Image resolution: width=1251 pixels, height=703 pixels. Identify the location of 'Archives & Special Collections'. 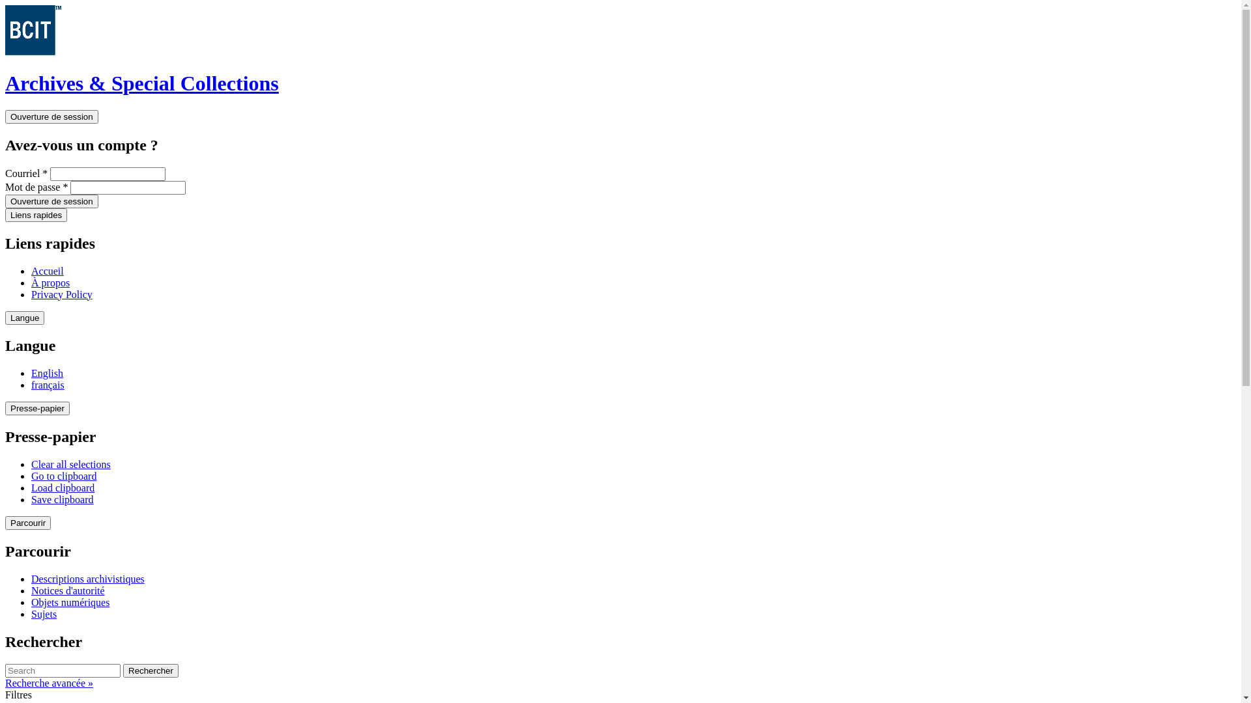
(141, 83).